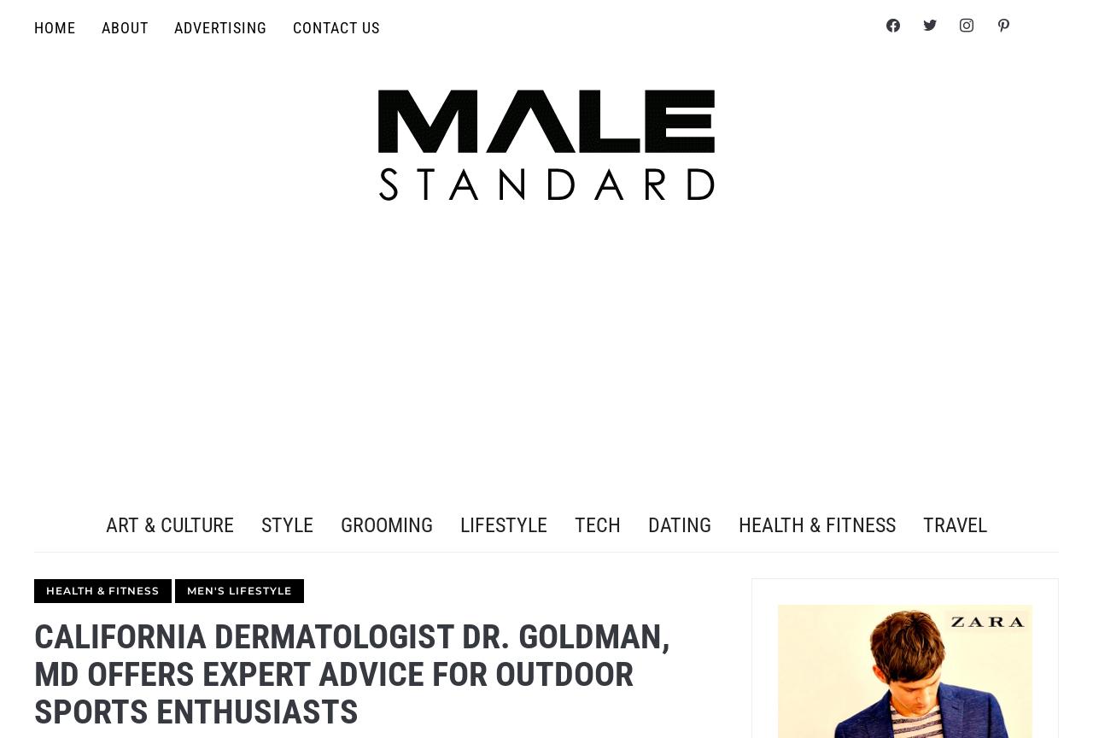  What do you see at coordinates (170, 524) in the screenshot?
I see `'Art & Culture'` at bounding box center [170, 524].